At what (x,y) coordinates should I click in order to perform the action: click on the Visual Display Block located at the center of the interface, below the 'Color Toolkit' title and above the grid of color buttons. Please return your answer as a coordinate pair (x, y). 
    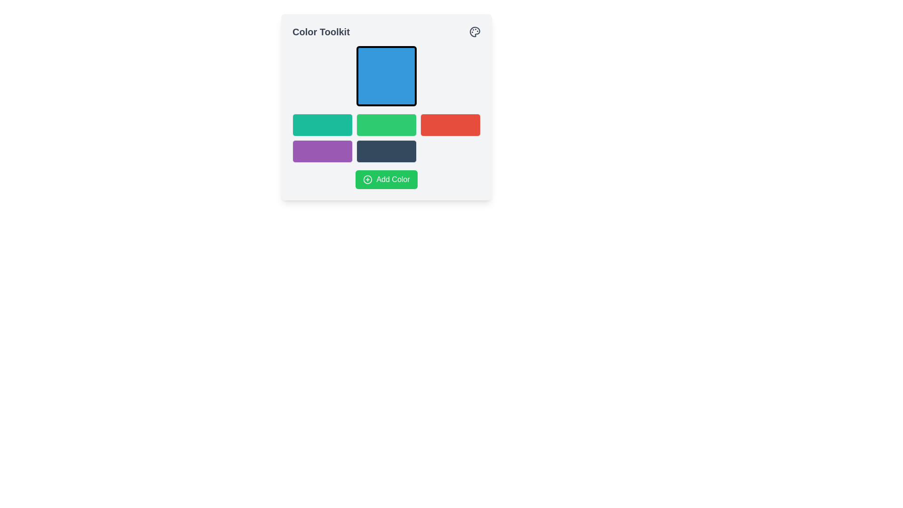
    Looking at the image, I should click on (386, 106).